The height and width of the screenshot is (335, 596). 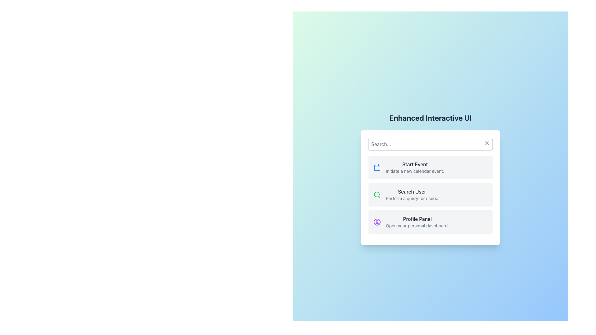 I want to click on the purple user profile icon located in the third section of the list, positioned to the left of 'Profile Panel' and above 'Open your personal dashboard.', so click(x=377, y=222).